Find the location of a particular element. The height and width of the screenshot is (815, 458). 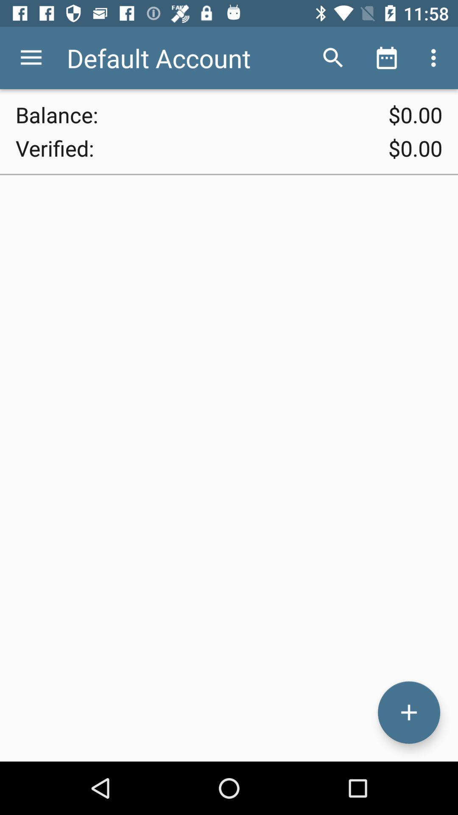

icon to the left of the default account item is located at coordinates (31, 57).